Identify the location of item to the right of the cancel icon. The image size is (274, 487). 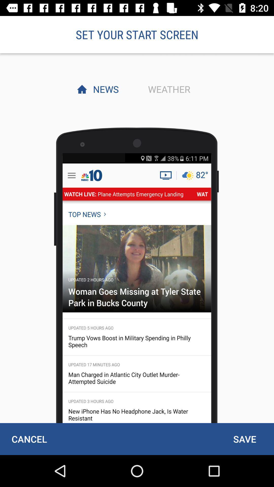
(244, 439).